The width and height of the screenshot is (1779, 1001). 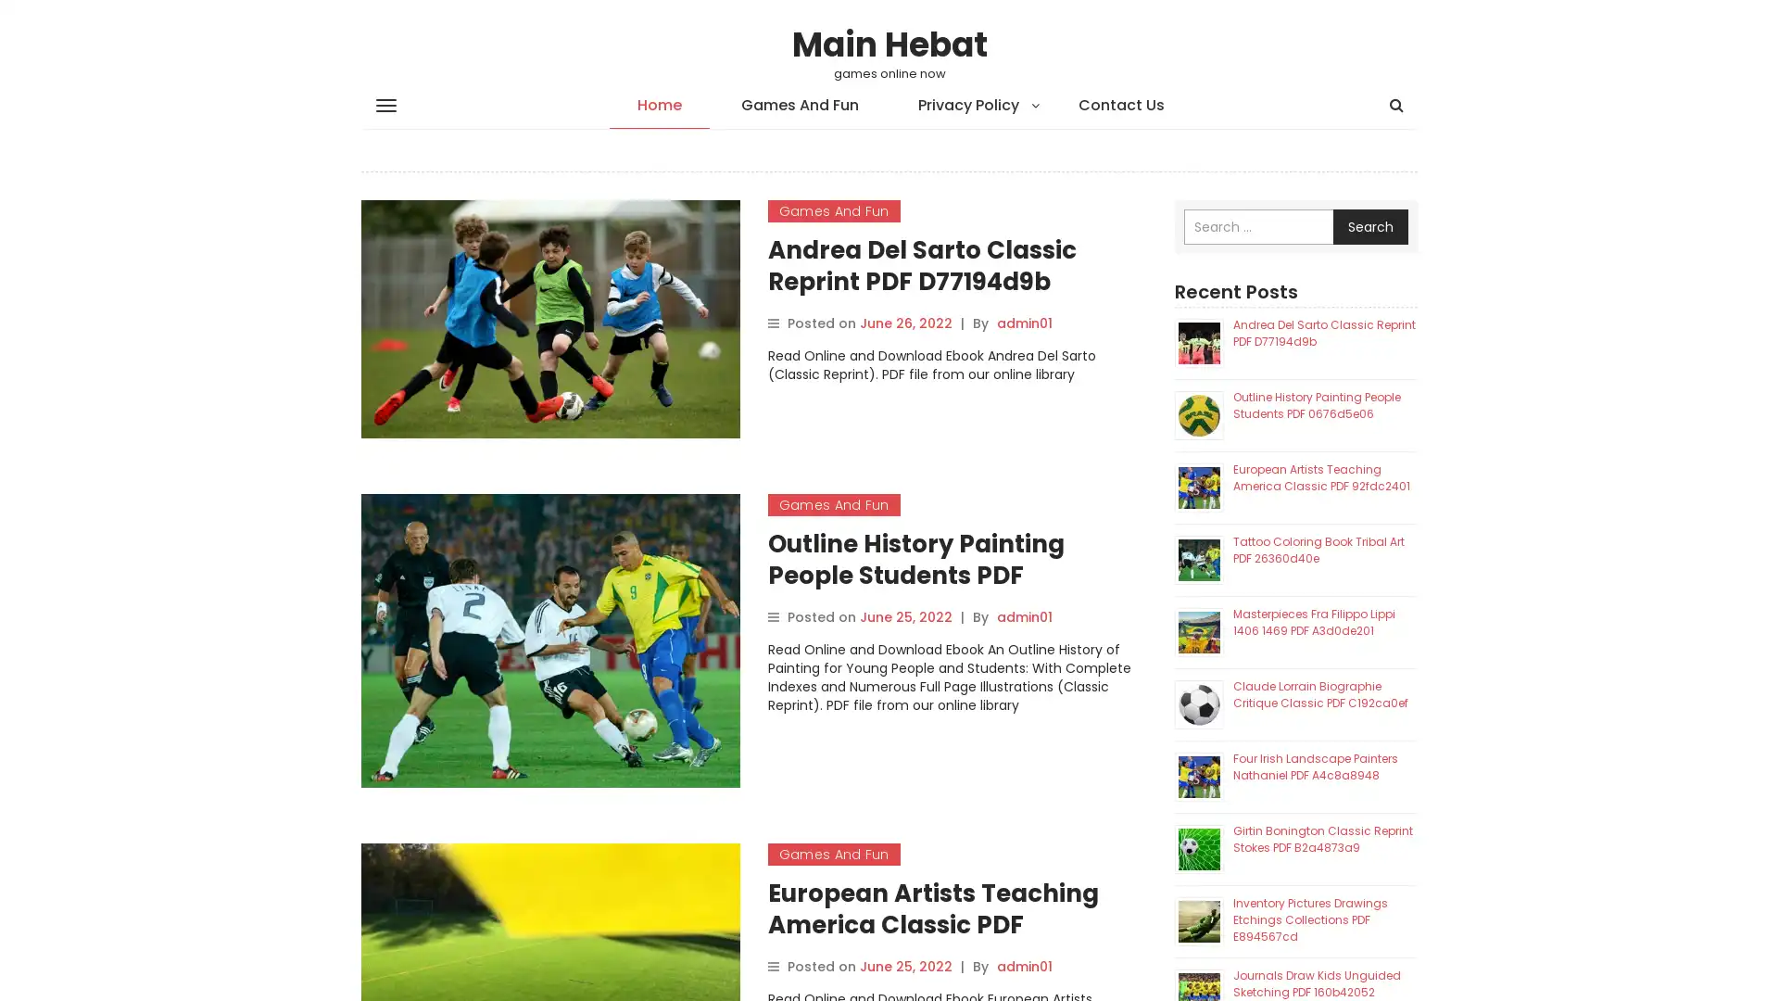 What do you see at coordinates (1370, 226) in the screenshot?
I see `Search` at bounding box center [1370, 226].